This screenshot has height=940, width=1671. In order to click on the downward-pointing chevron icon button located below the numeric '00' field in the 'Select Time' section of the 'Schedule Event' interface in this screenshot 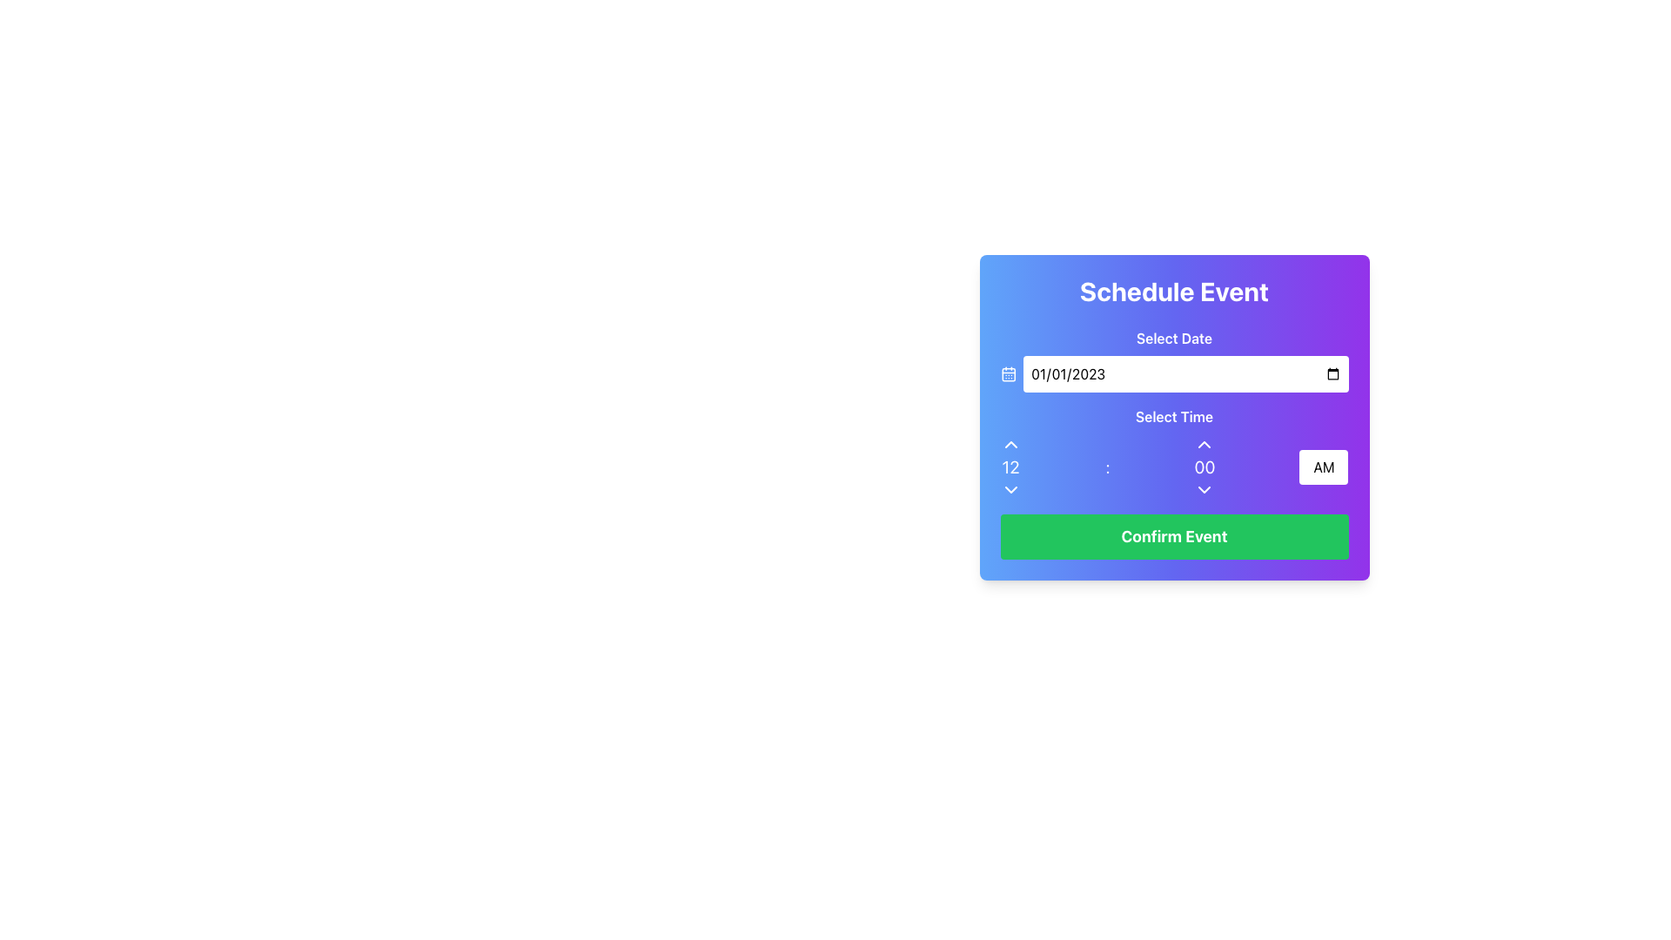, I will do `click(1204, 490)`.